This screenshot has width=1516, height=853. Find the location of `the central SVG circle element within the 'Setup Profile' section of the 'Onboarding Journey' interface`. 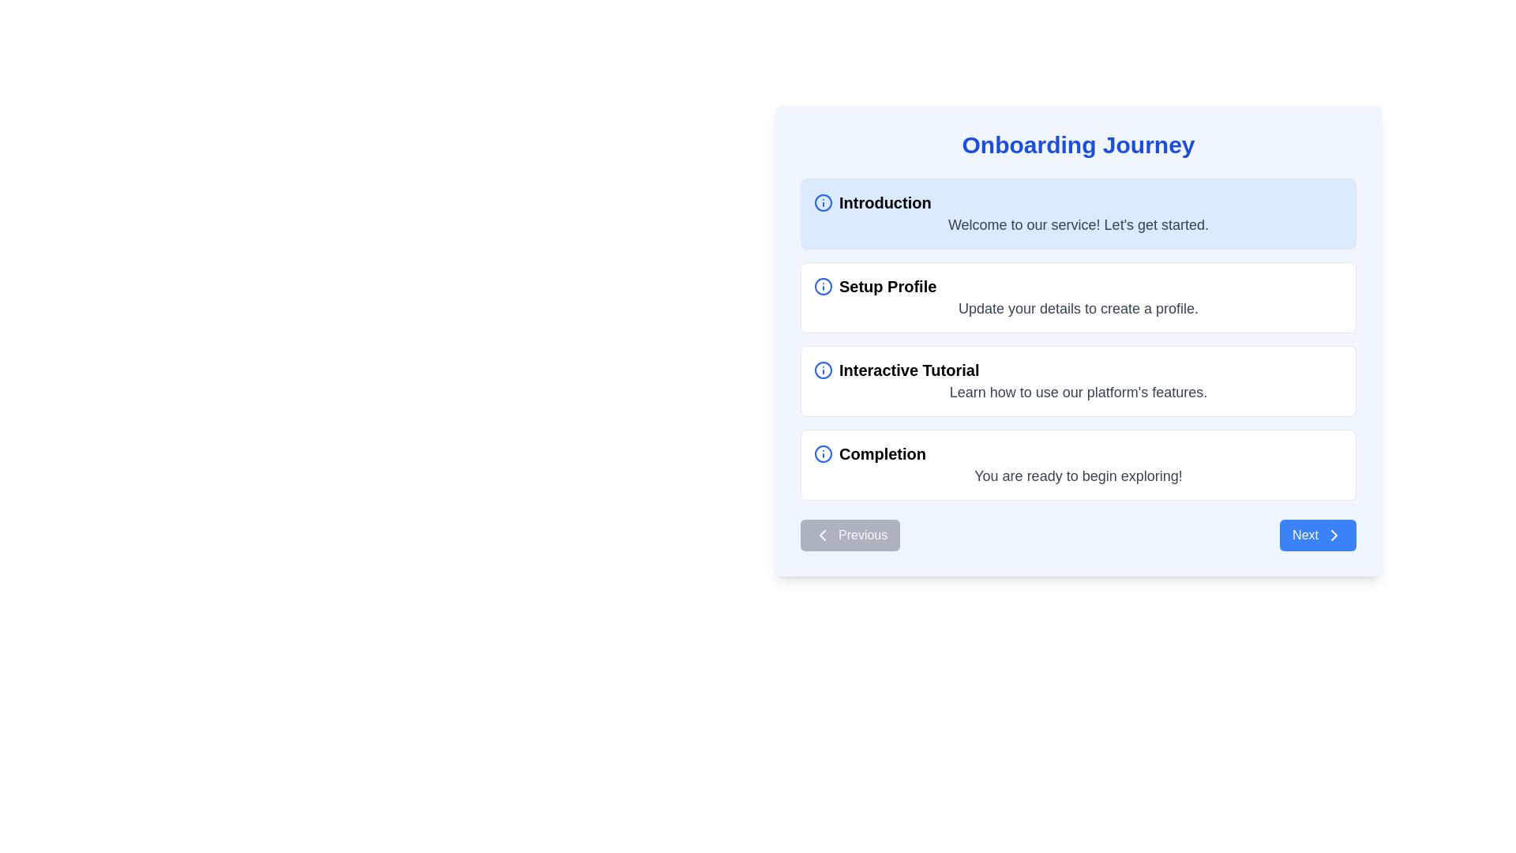

the central SVG circle element within the 'Setup Profile' section of the 'Onboarding Journey' interface is located at coordinates (822, 286).